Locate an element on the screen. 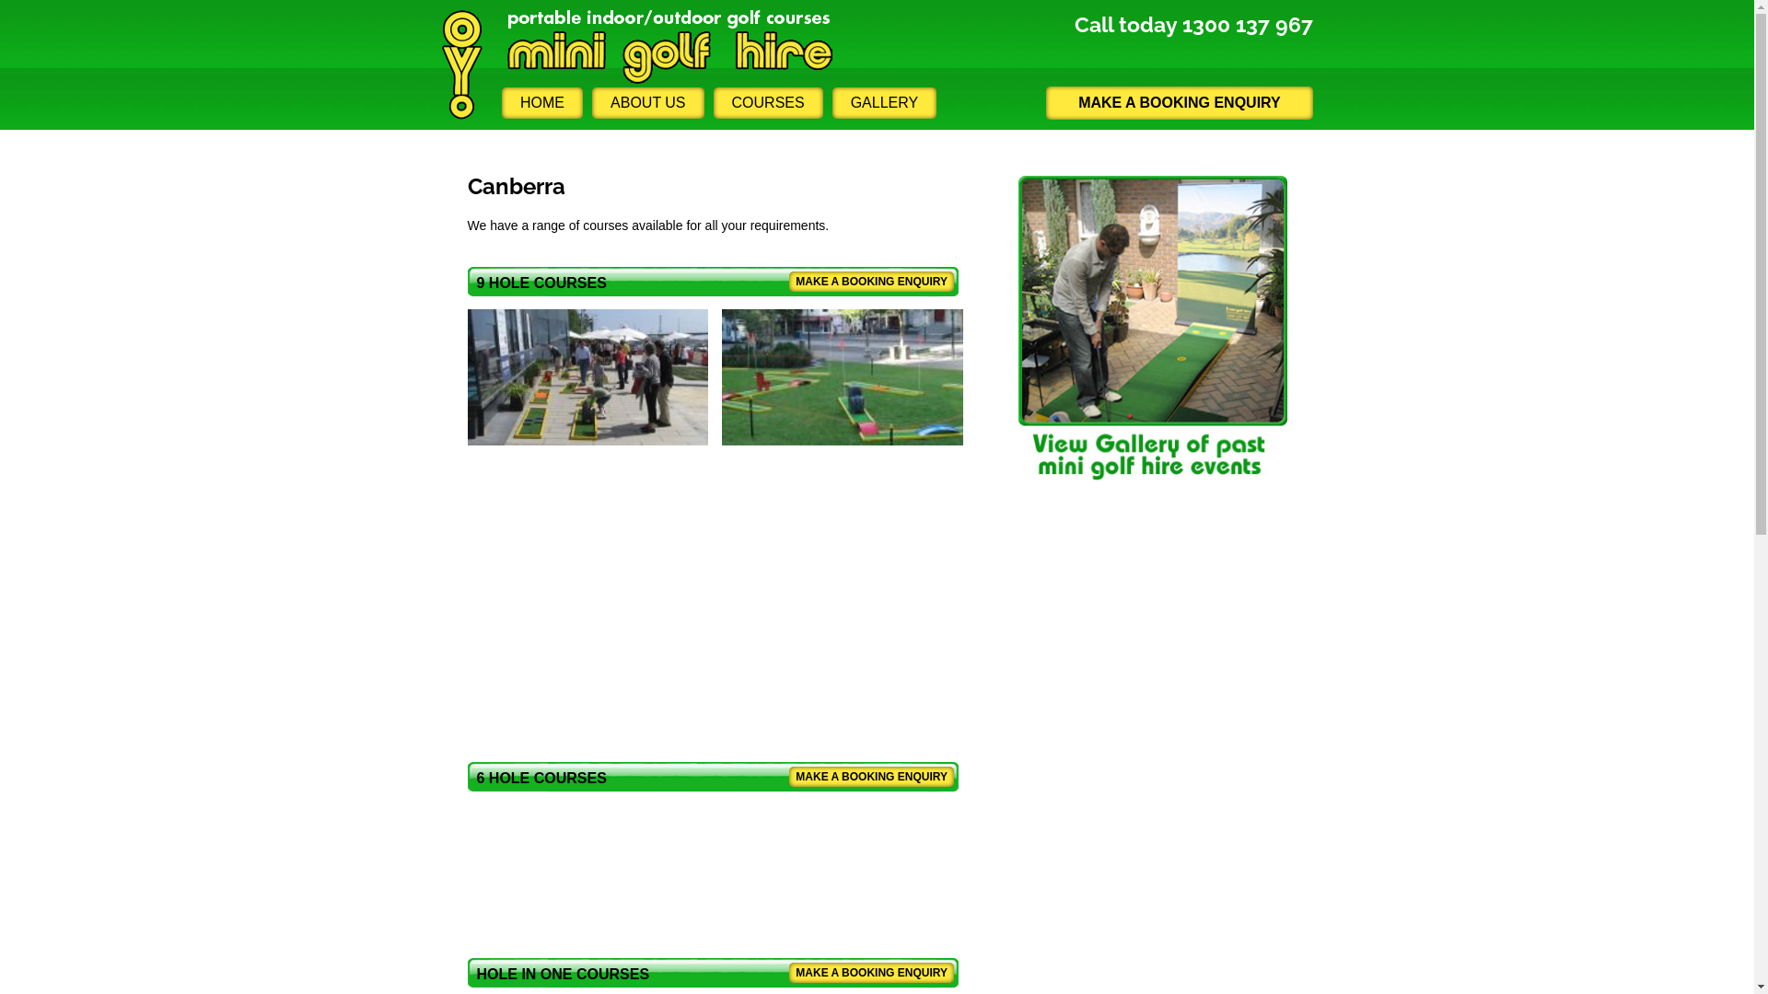  'HOME' is located at coordinates (541, 102).